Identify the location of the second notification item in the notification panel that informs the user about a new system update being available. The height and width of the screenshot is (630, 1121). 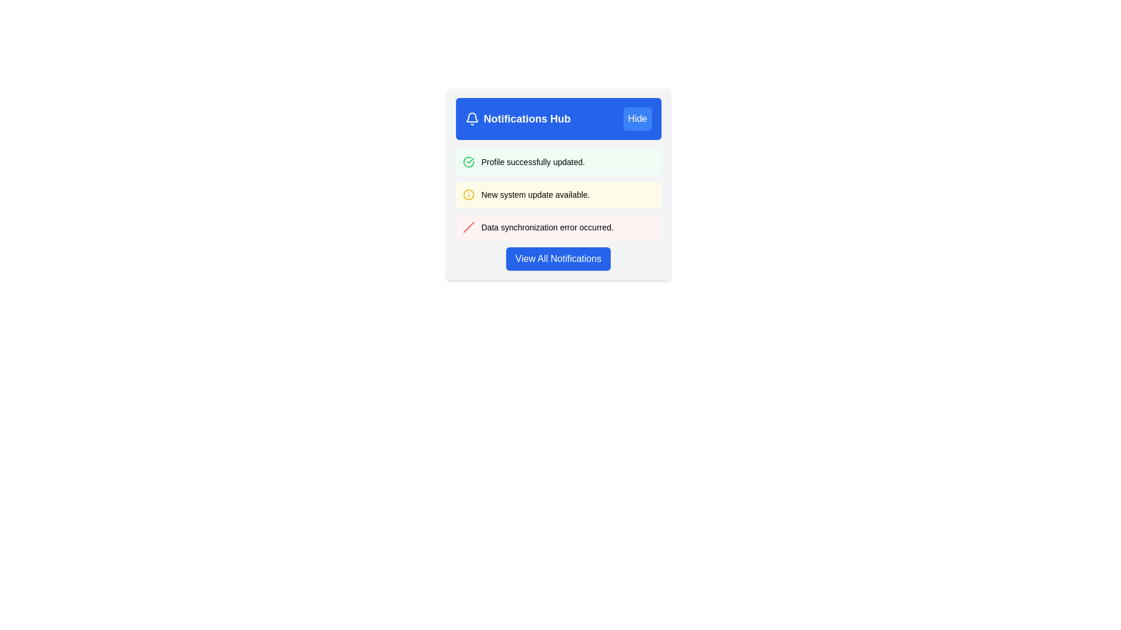
(558, 194).